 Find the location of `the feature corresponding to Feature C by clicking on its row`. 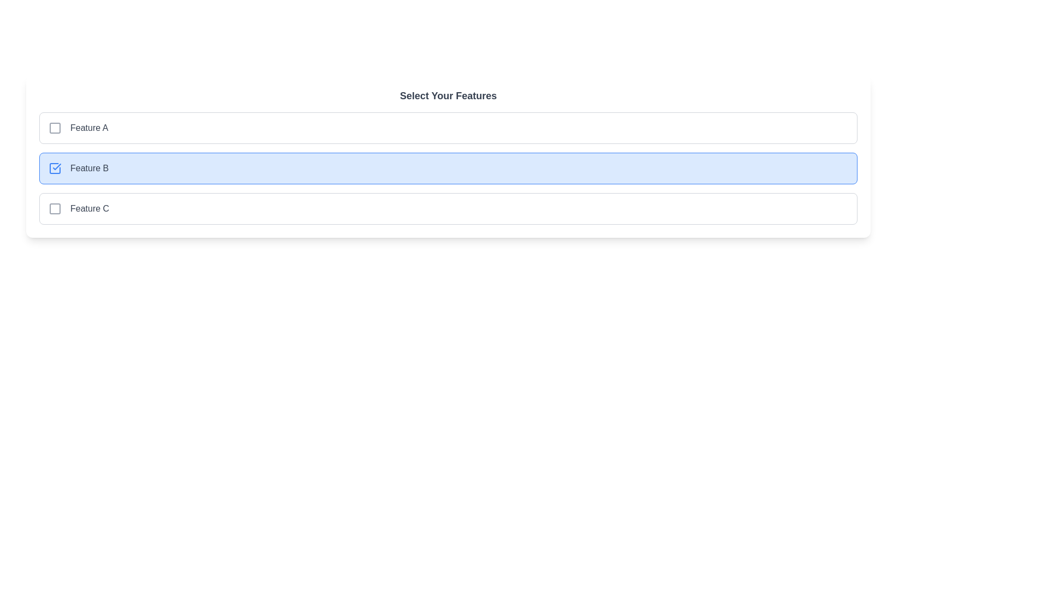

the feature corresponding to Feature C by clicking on its row is located at coordinates (448, 208).